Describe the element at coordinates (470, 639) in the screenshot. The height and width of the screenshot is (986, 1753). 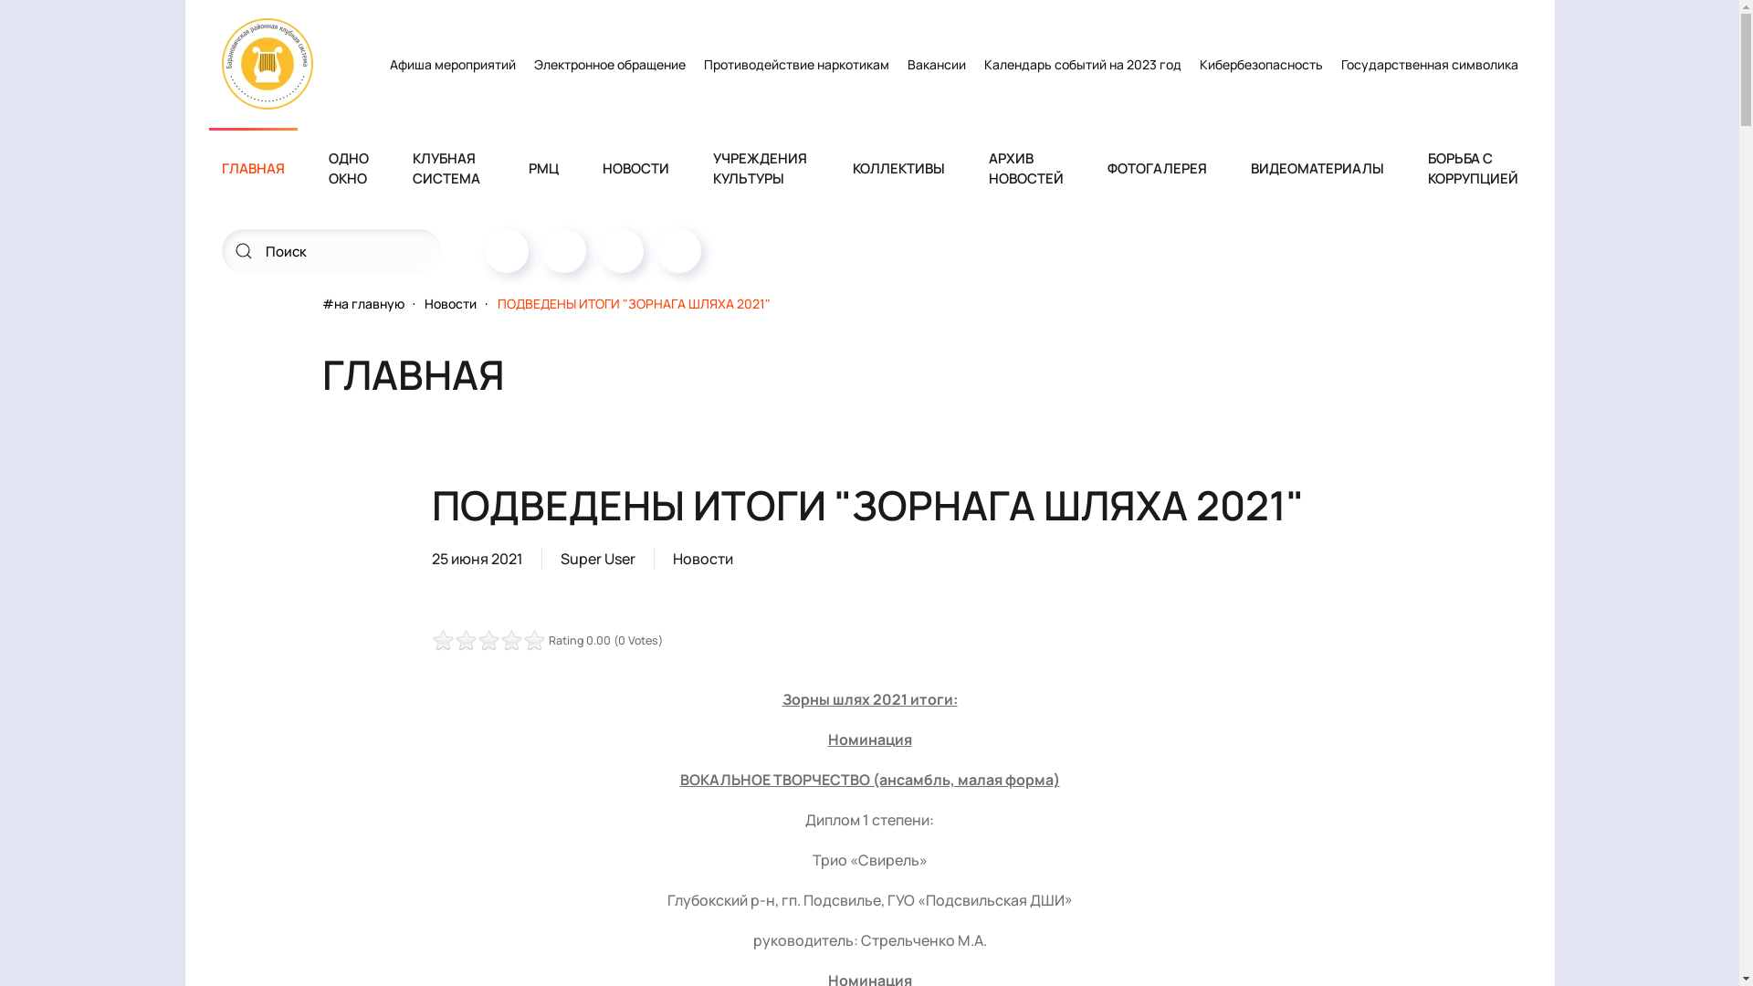
I see `'1'` at that location.